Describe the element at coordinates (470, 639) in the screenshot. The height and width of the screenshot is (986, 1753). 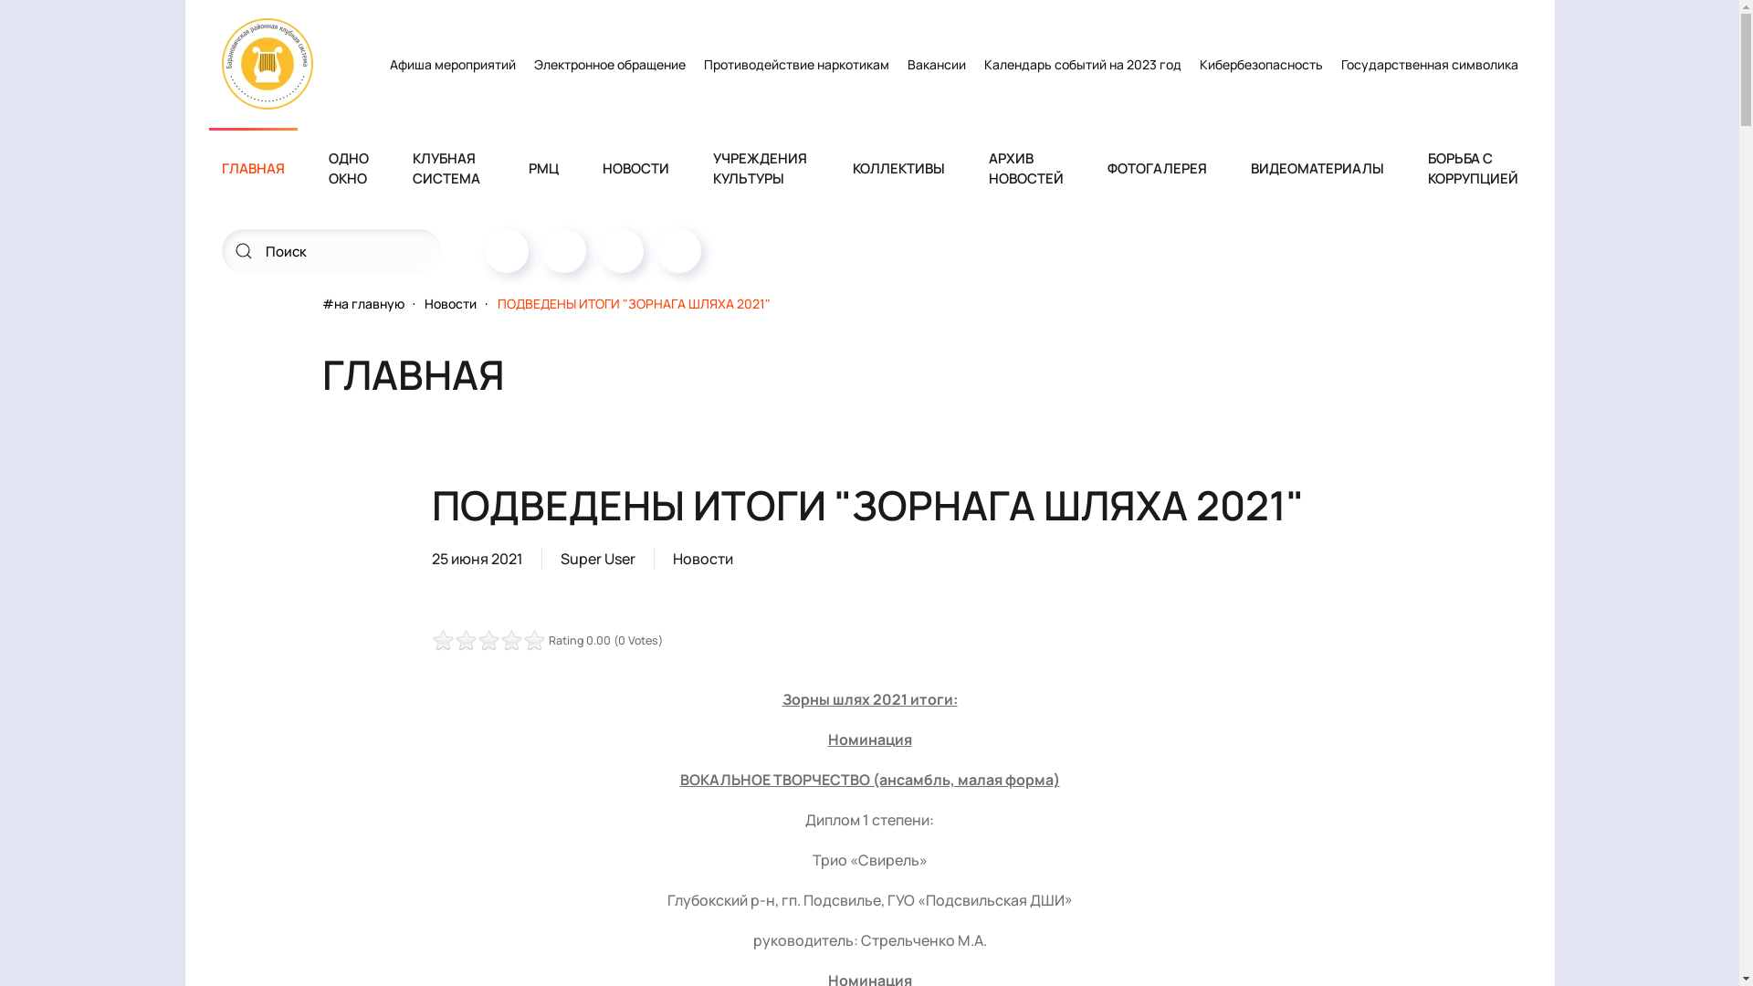
I see `'1'` at that location.